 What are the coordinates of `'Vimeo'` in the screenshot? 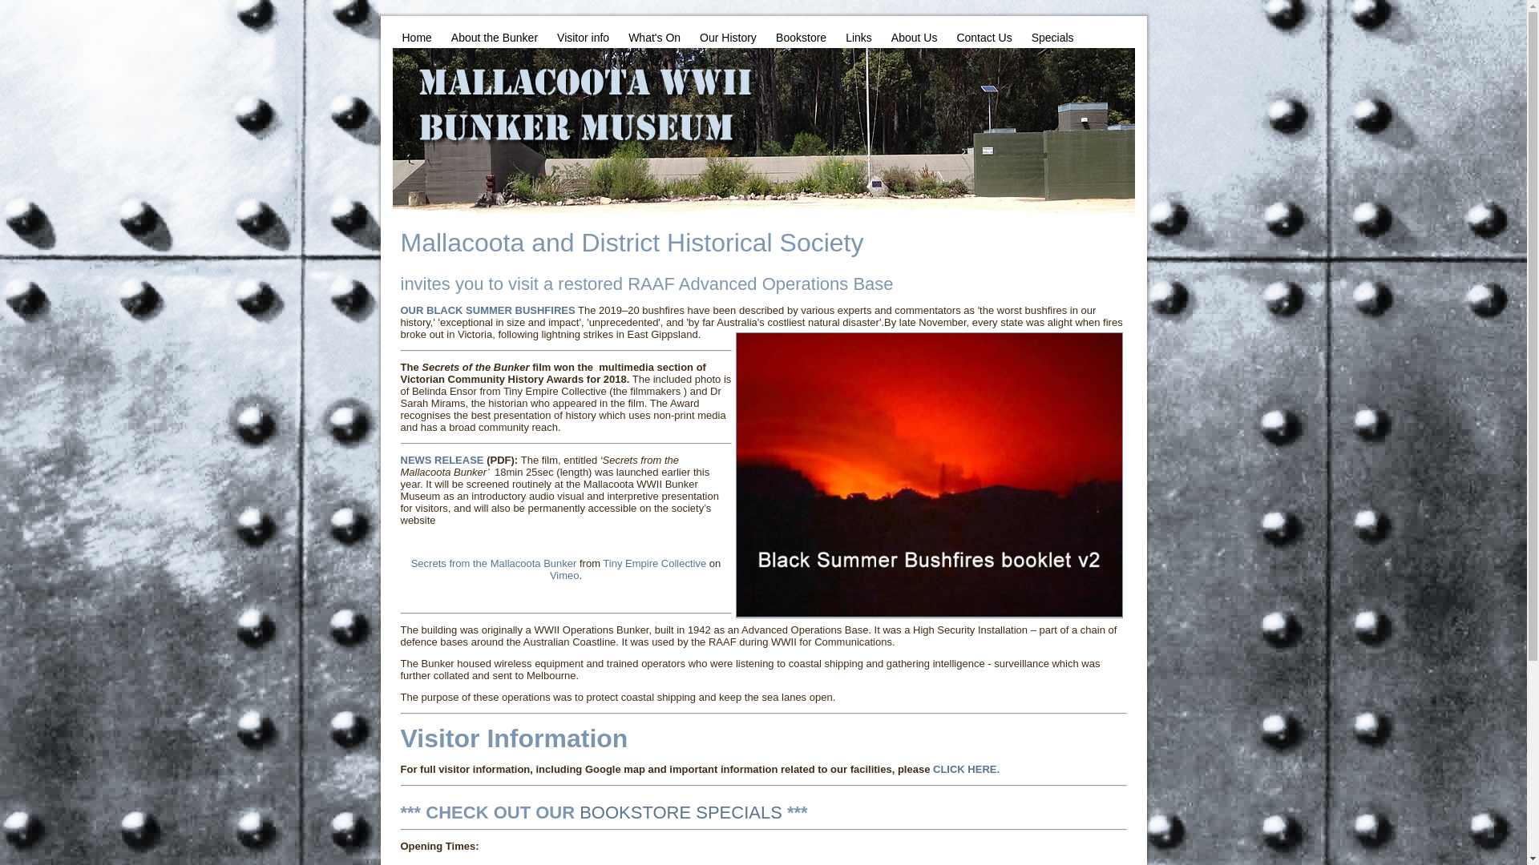 It's located at (564, 574).